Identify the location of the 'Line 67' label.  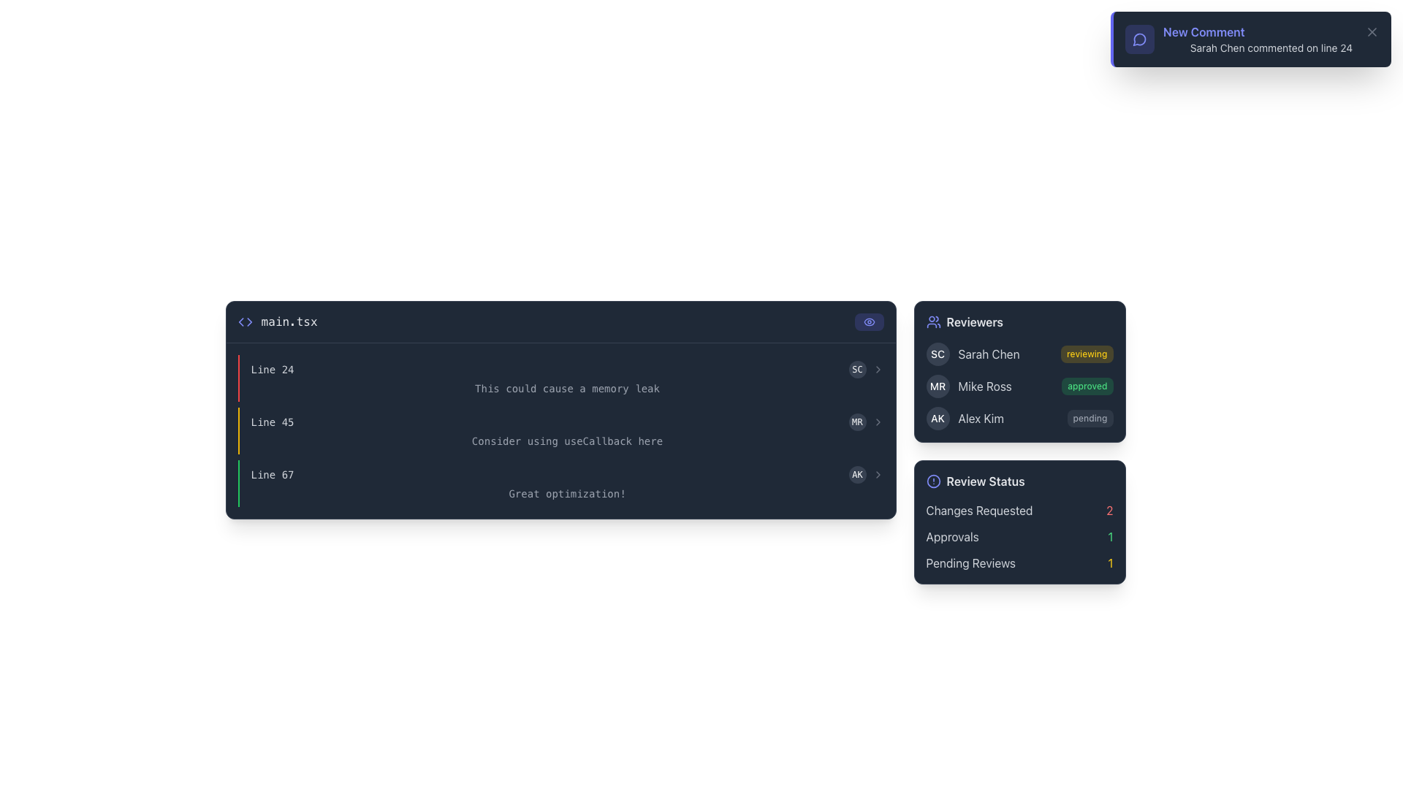
(273, 475).